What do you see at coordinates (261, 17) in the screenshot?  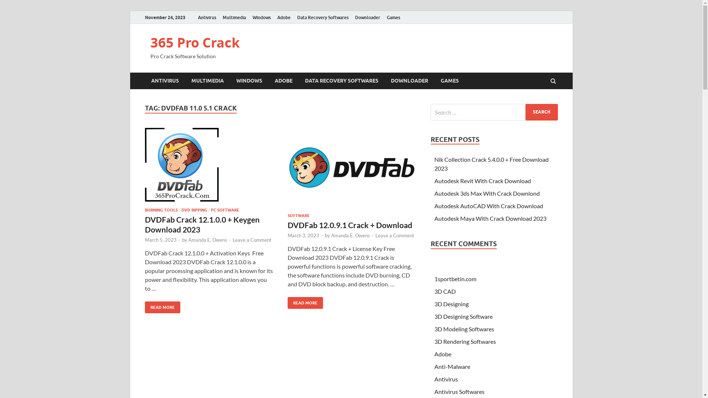 I see `'Windows'` at bounding box center [261, 17].